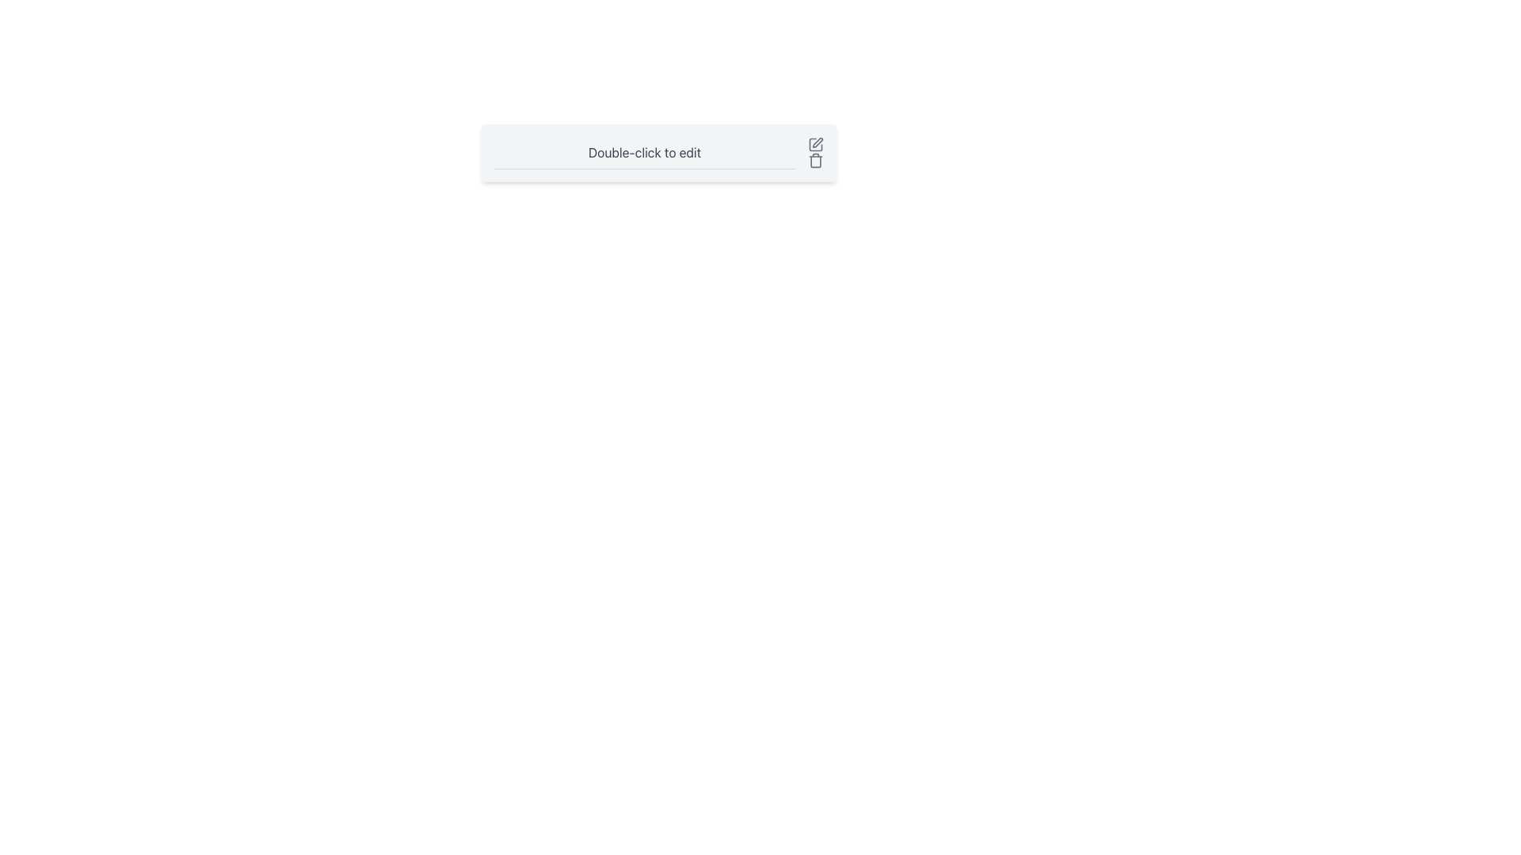 The height and width of the screenshot is (855, 1521). Describe the element at coordinates (658, 153) in the screenshot. I see `the text box/label with editing functionality that allows users to modify its content, as indicated by the instruction 'Double-click to edit'` at that location.